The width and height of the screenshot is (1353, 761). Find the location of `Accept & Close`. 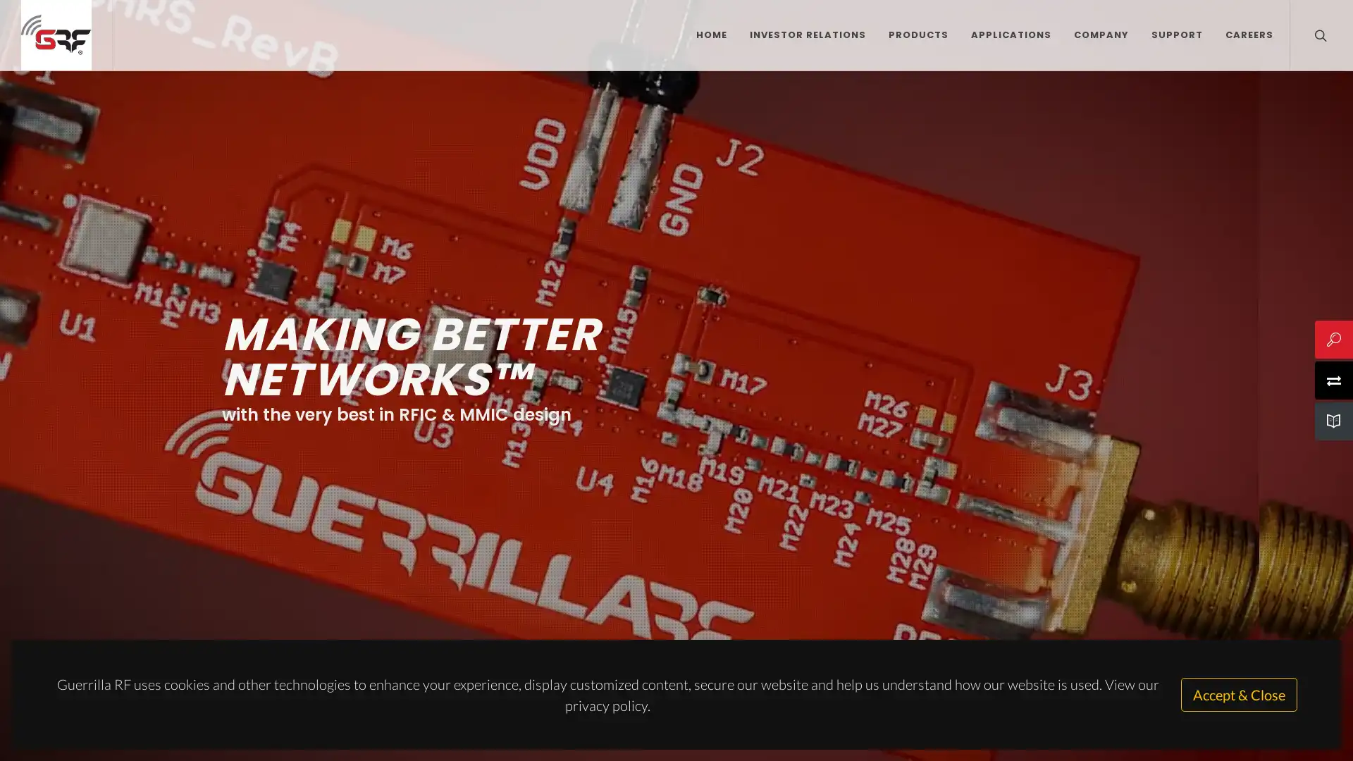

Accept & Close is located at coordinates (1238, 694).